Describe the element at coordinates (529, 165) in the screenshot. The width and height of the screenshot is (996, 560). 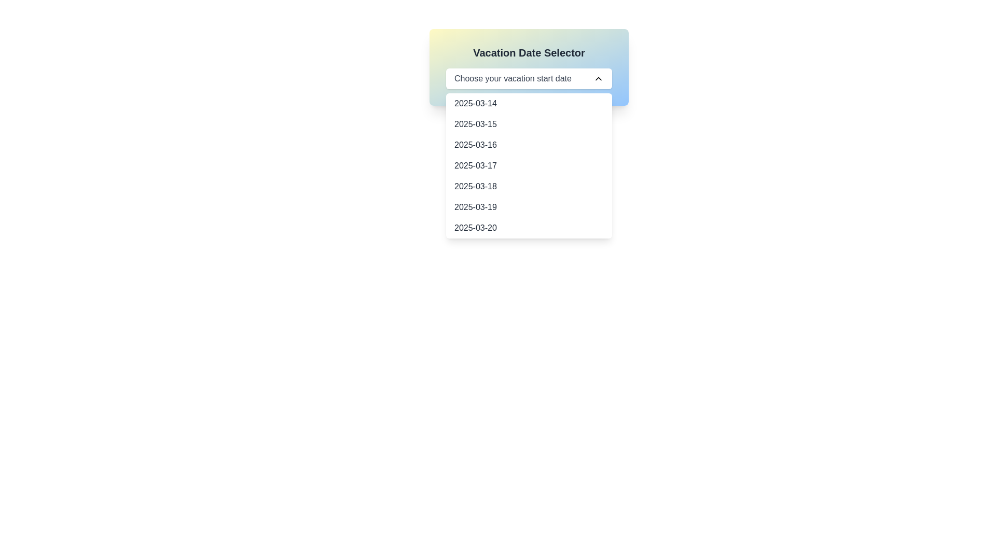
I see `the dates listed in the dropdown menu titled 'Choose your vacation start date' by clicking on it` at that location.